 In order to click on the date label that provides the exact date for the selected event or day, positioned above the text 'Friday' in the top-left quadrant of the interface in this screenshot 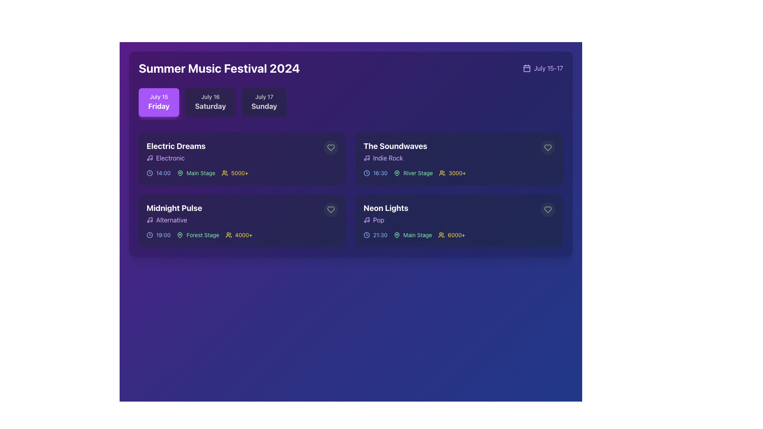, I will do `click(159, 96)`.